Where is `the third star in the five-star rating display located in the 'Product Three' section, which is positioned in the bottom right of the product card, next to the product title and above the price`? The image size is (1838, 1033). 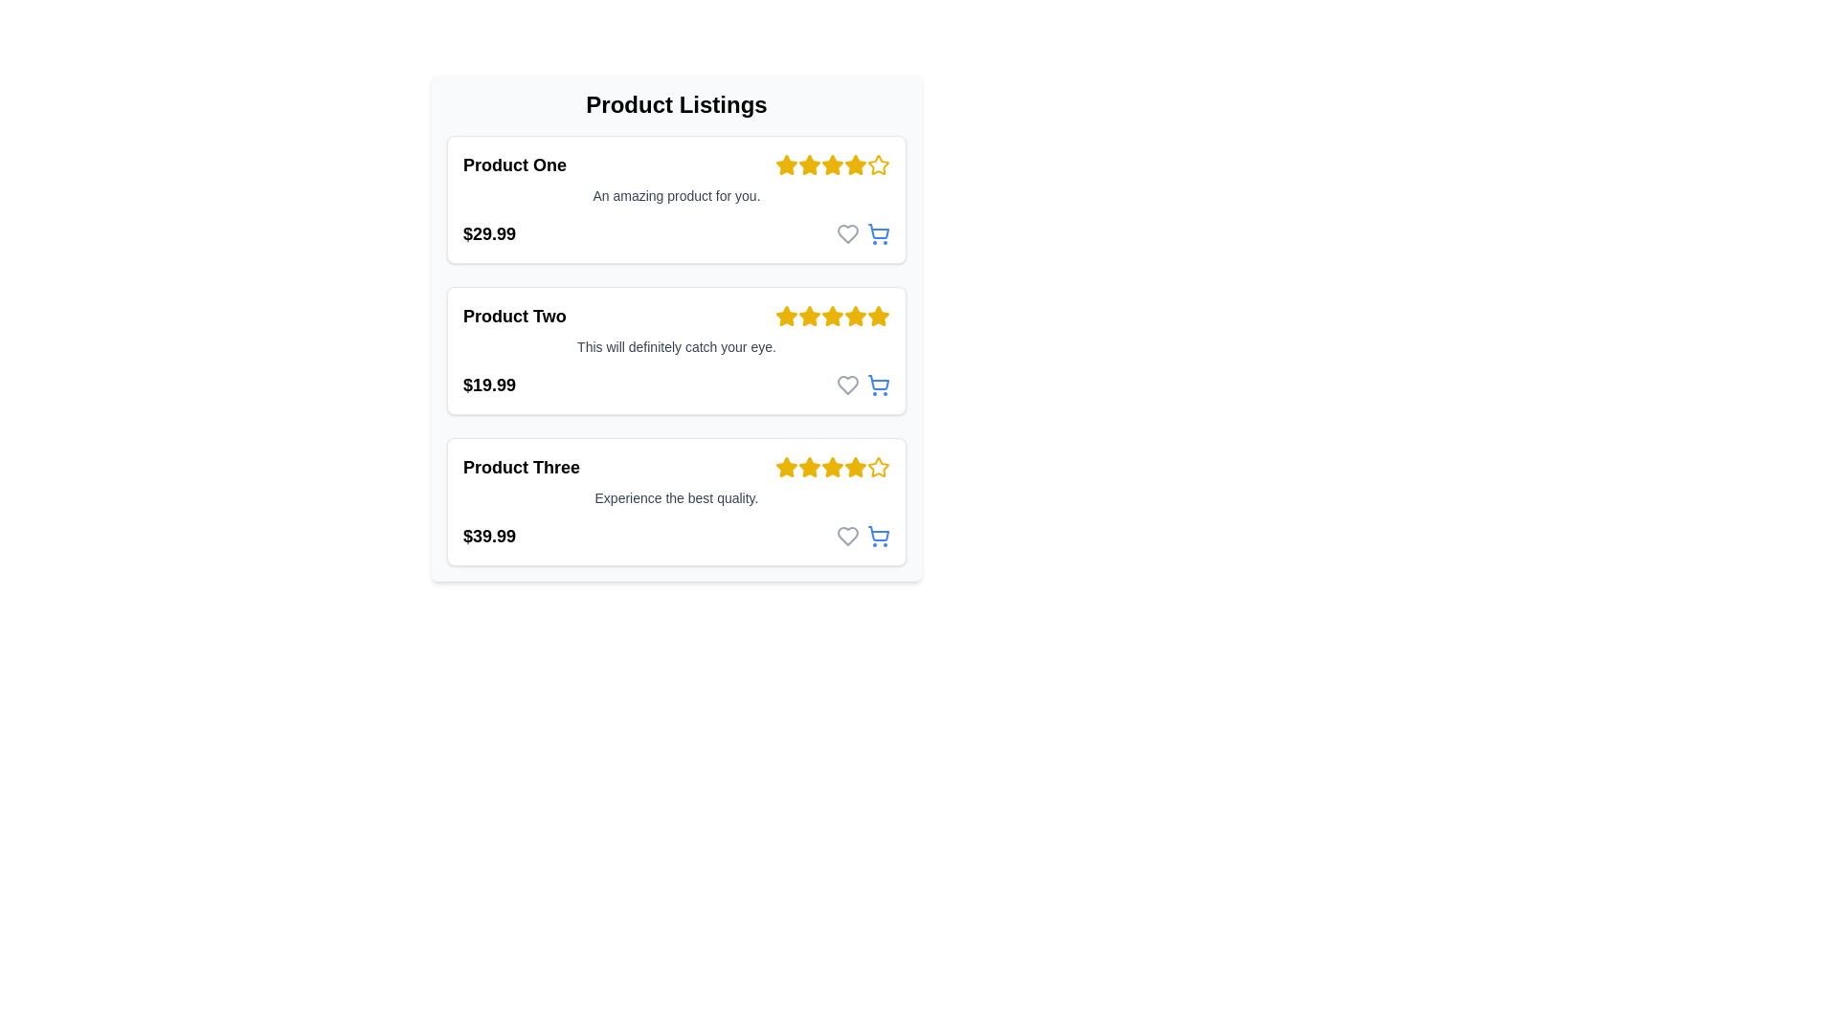
the third star in the five-star rating display located in the 'Product Three' section, which is positioned in the bottom right of the product card, next to the product title and above the price is located at coordinates (832, 468).